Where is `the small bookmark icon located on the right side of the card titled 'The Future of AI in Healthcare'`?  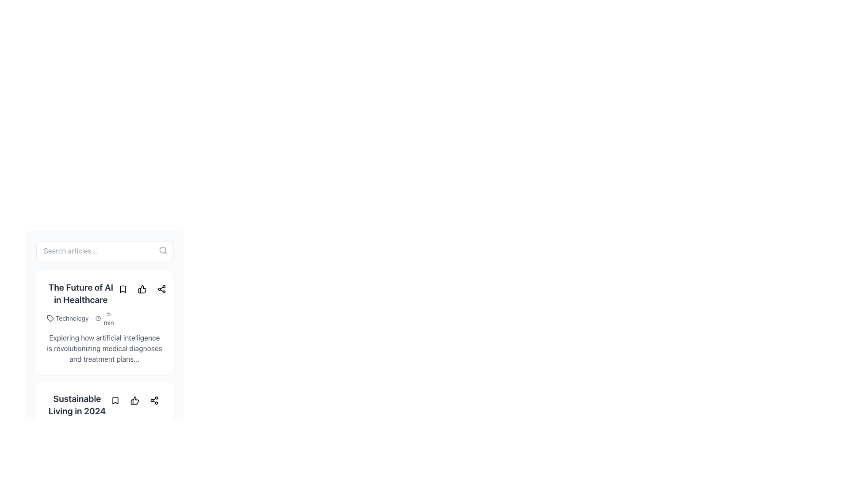 the small bookmark icon located on the right side of the card titled 'The Future of AI in Healthcare' is located at coordinates (122, 289).